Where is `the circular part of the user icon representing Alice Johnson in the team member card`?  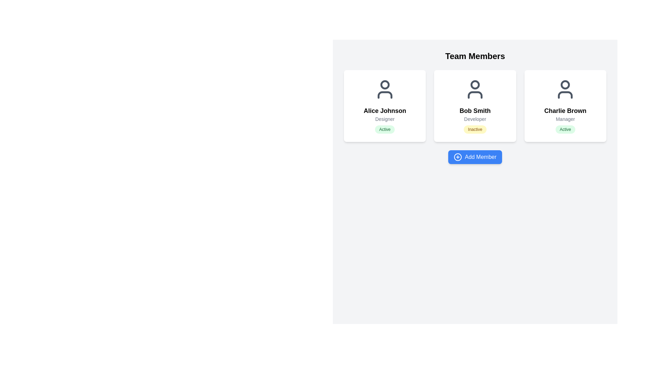
the circular part of the user icon representing Alice Johnson in the team member card is located at coordinates (384, 84).